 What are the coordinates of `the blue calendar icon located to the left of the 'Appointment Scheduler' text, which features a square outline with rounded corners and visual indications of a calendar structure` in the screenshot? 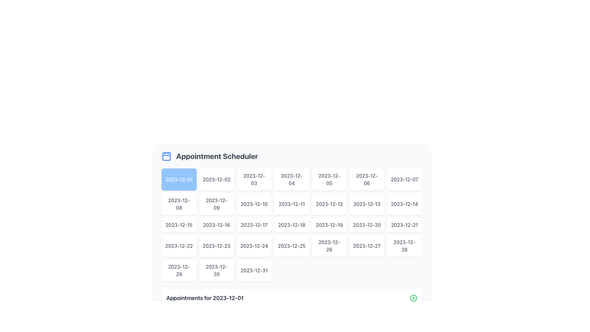 It's located at (166, 156).